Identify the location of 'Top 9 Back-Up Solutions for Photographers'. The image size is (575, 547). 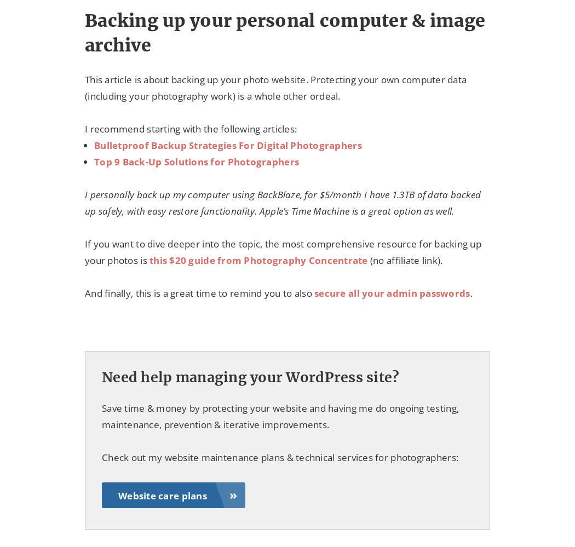
(196, 161).